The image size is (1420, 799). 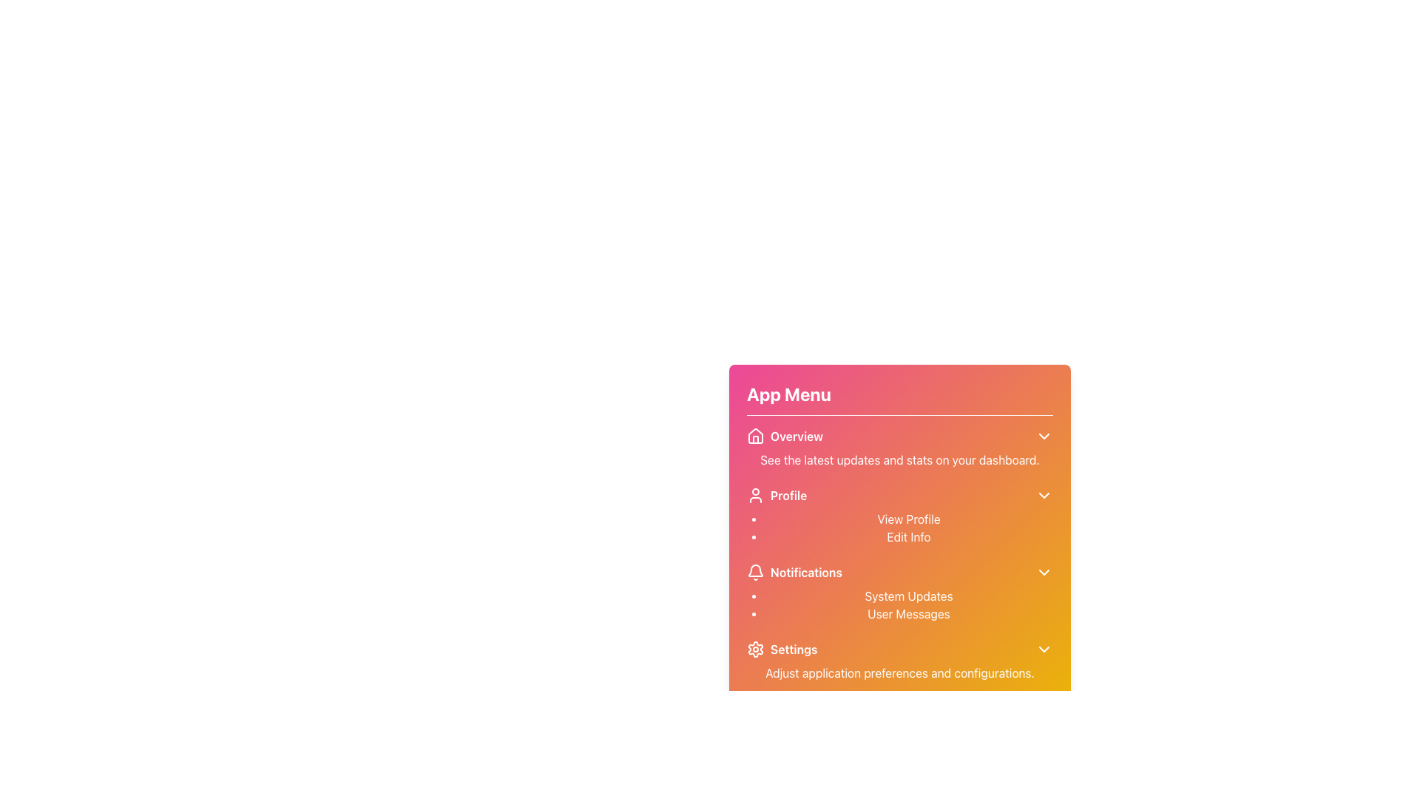 I want to click on the 'Notifications' dropdown section, so click(x=899, y=593).